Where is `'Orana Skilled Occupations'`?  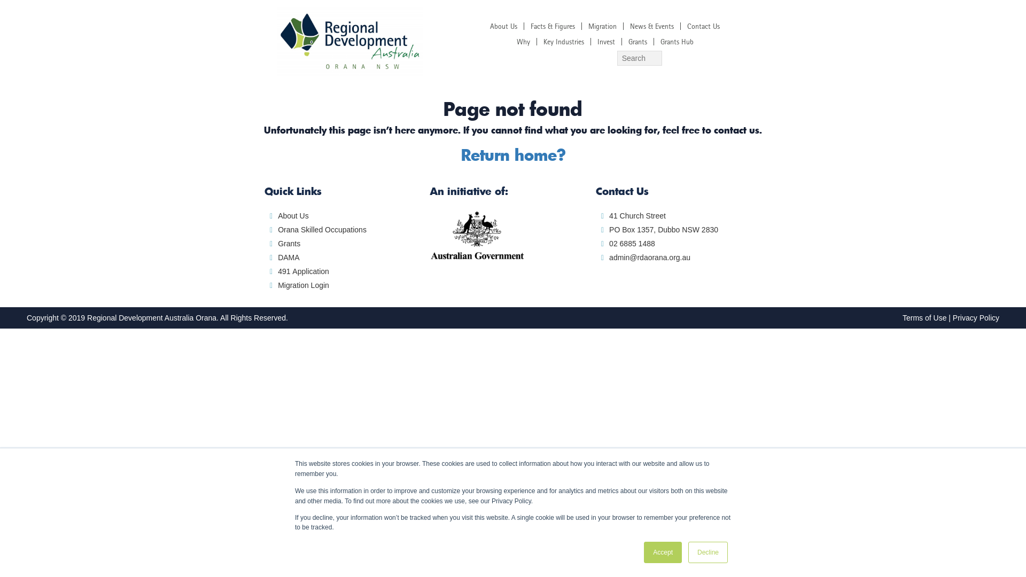 'Orana Skilled Occupations' is located at coordinates (322, 229).